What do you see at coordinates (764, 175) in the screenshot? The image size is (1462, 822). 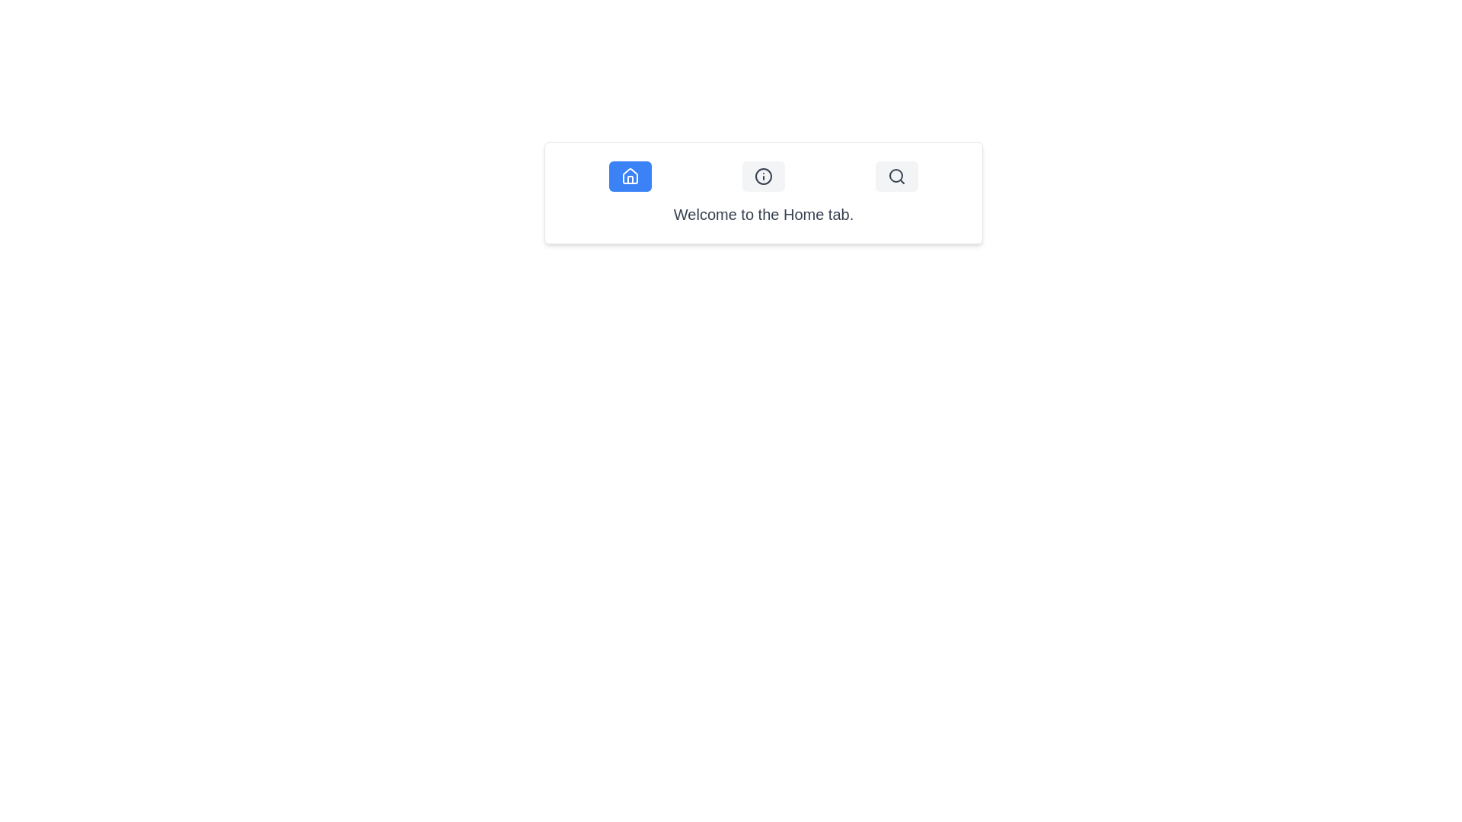 I see `the middle button, which is light gray with a circular icon containing an i symbol` at bounding box center [764, 175].